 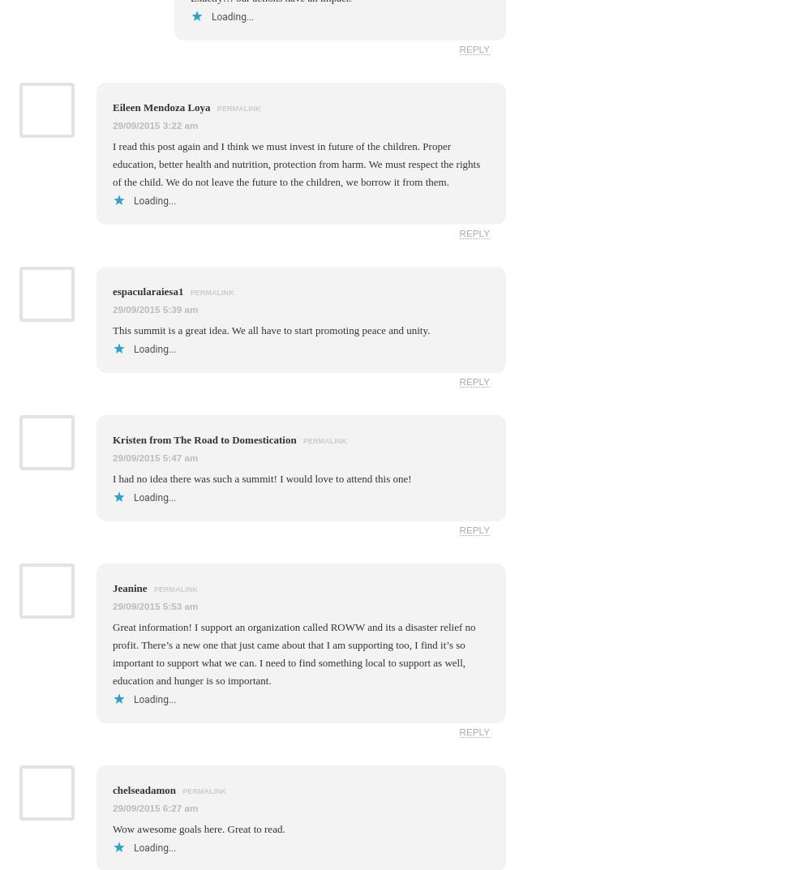 I want to click on 'Wow awesome goals here. Great to read.', so click(x=112, y=828).